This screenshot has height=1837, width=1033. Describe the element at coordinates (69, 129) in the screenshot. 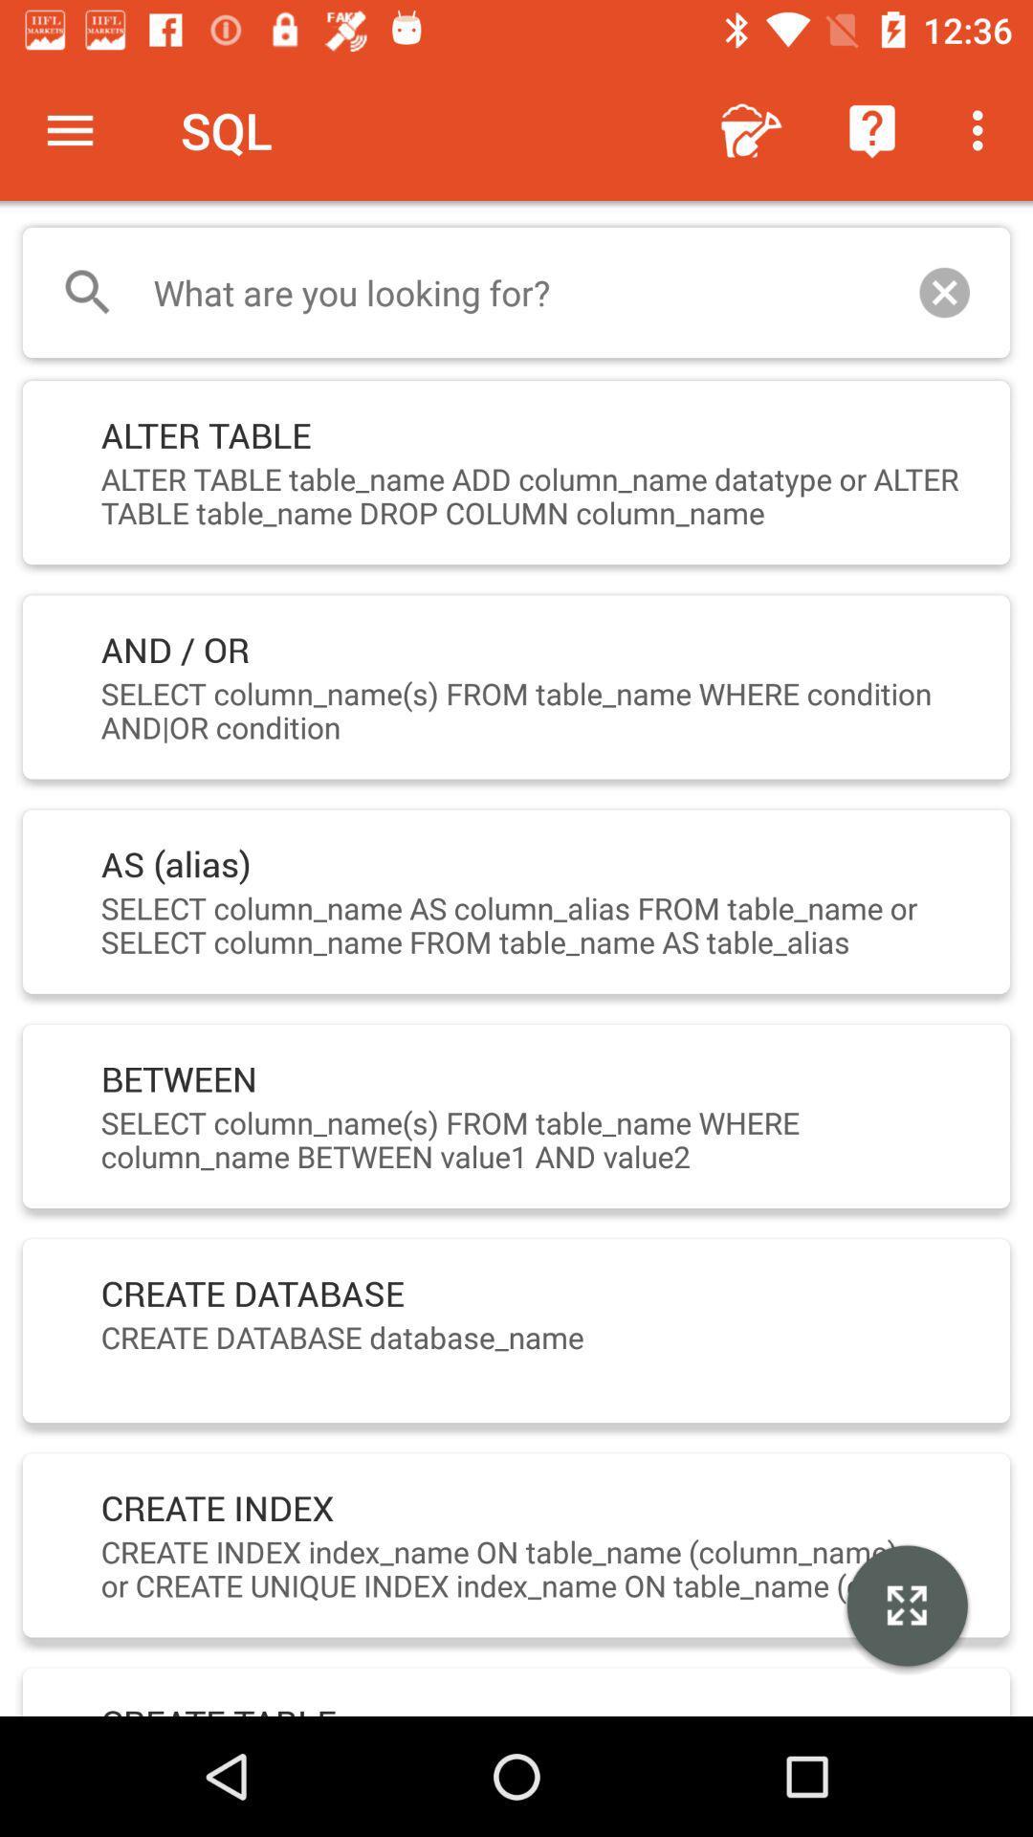

I see `the app next to sql icon` at that location.